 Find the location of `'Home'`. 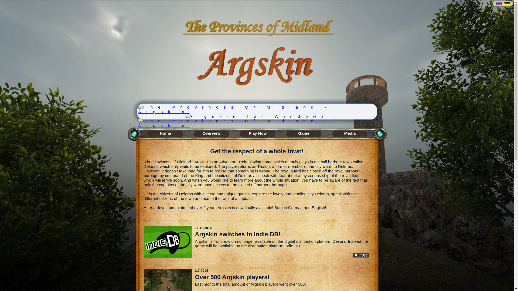

'Home' is located at coordinates (165, 134).